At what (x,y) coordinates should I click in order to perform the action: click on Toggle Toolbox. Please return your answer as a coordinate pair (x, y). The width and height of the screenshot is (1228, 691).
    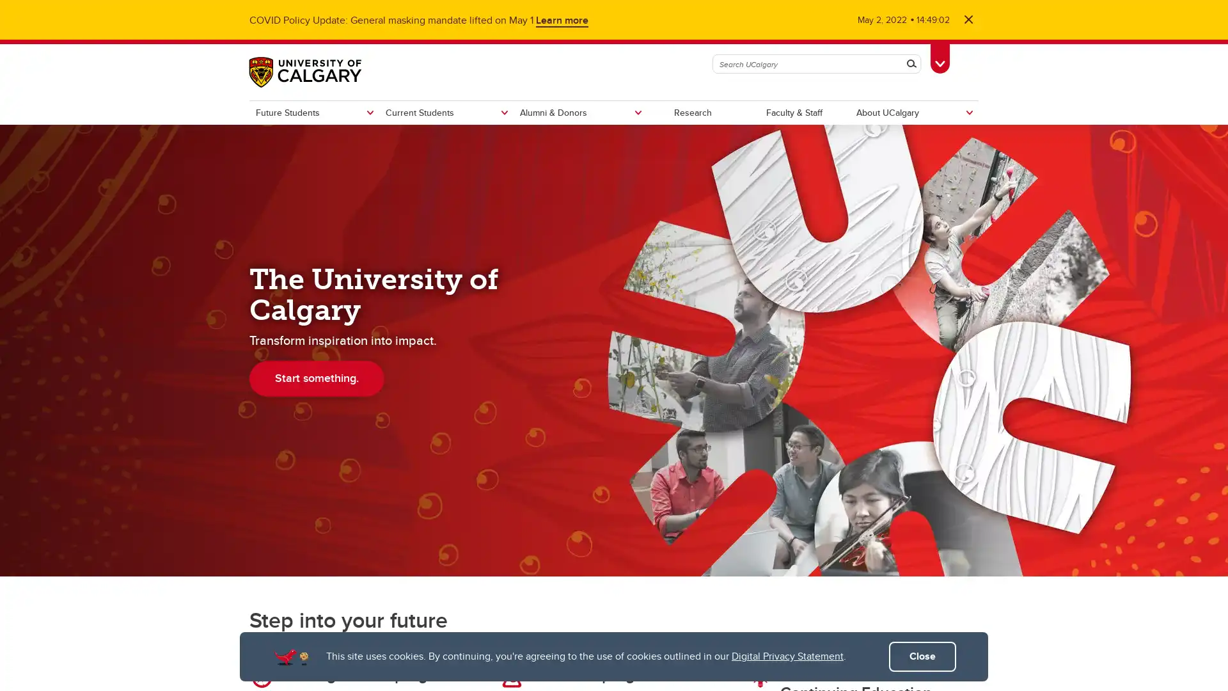
    Looking at the image, I should click on (940, 56).